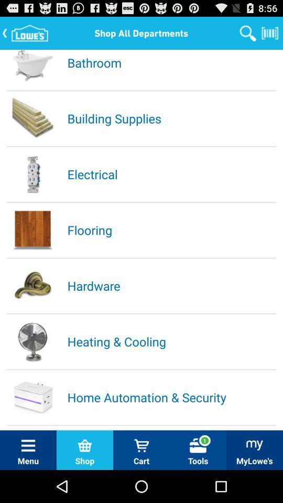 This screenshot has width=283, height=503. I want to click on icon above building supplies item, so click(171, 62).